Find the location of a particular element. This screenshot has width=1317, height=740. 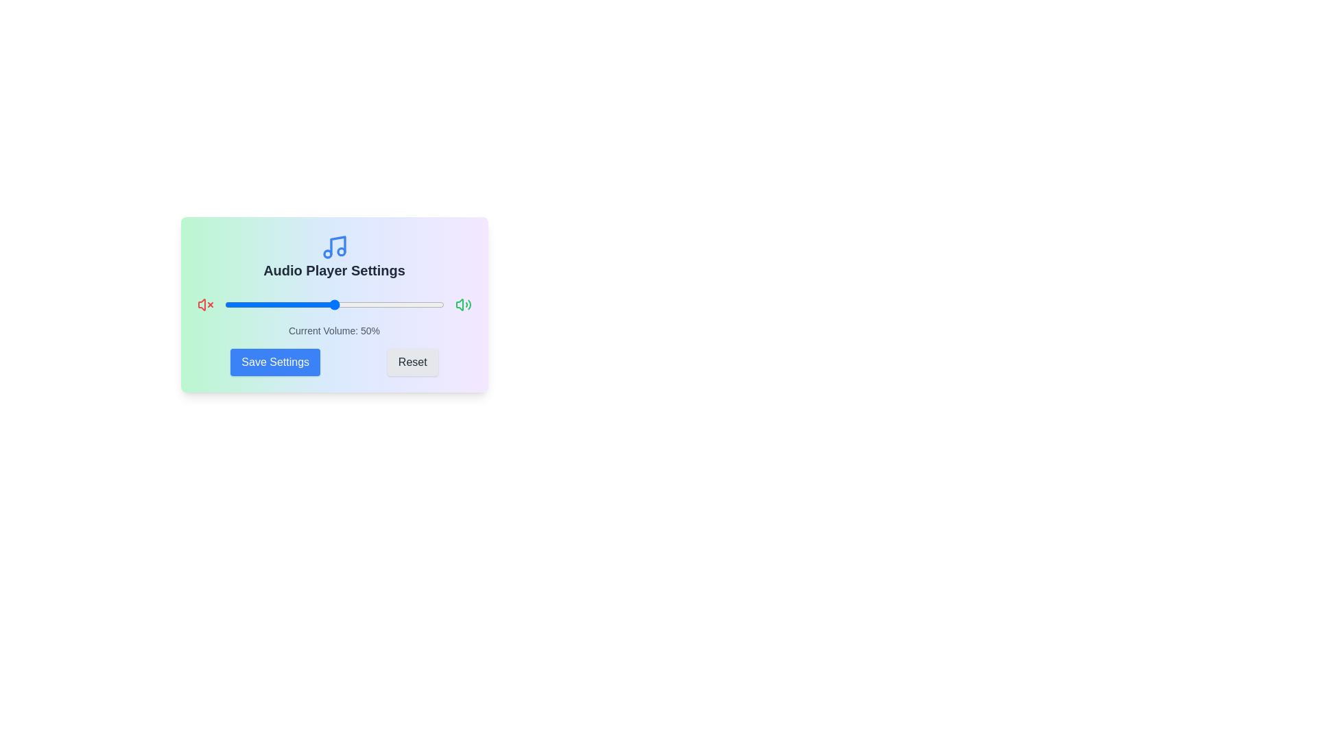

the 'Reset' button, which is a light gray rectangular button with rounded corners located is located at coordinates (412, 361).